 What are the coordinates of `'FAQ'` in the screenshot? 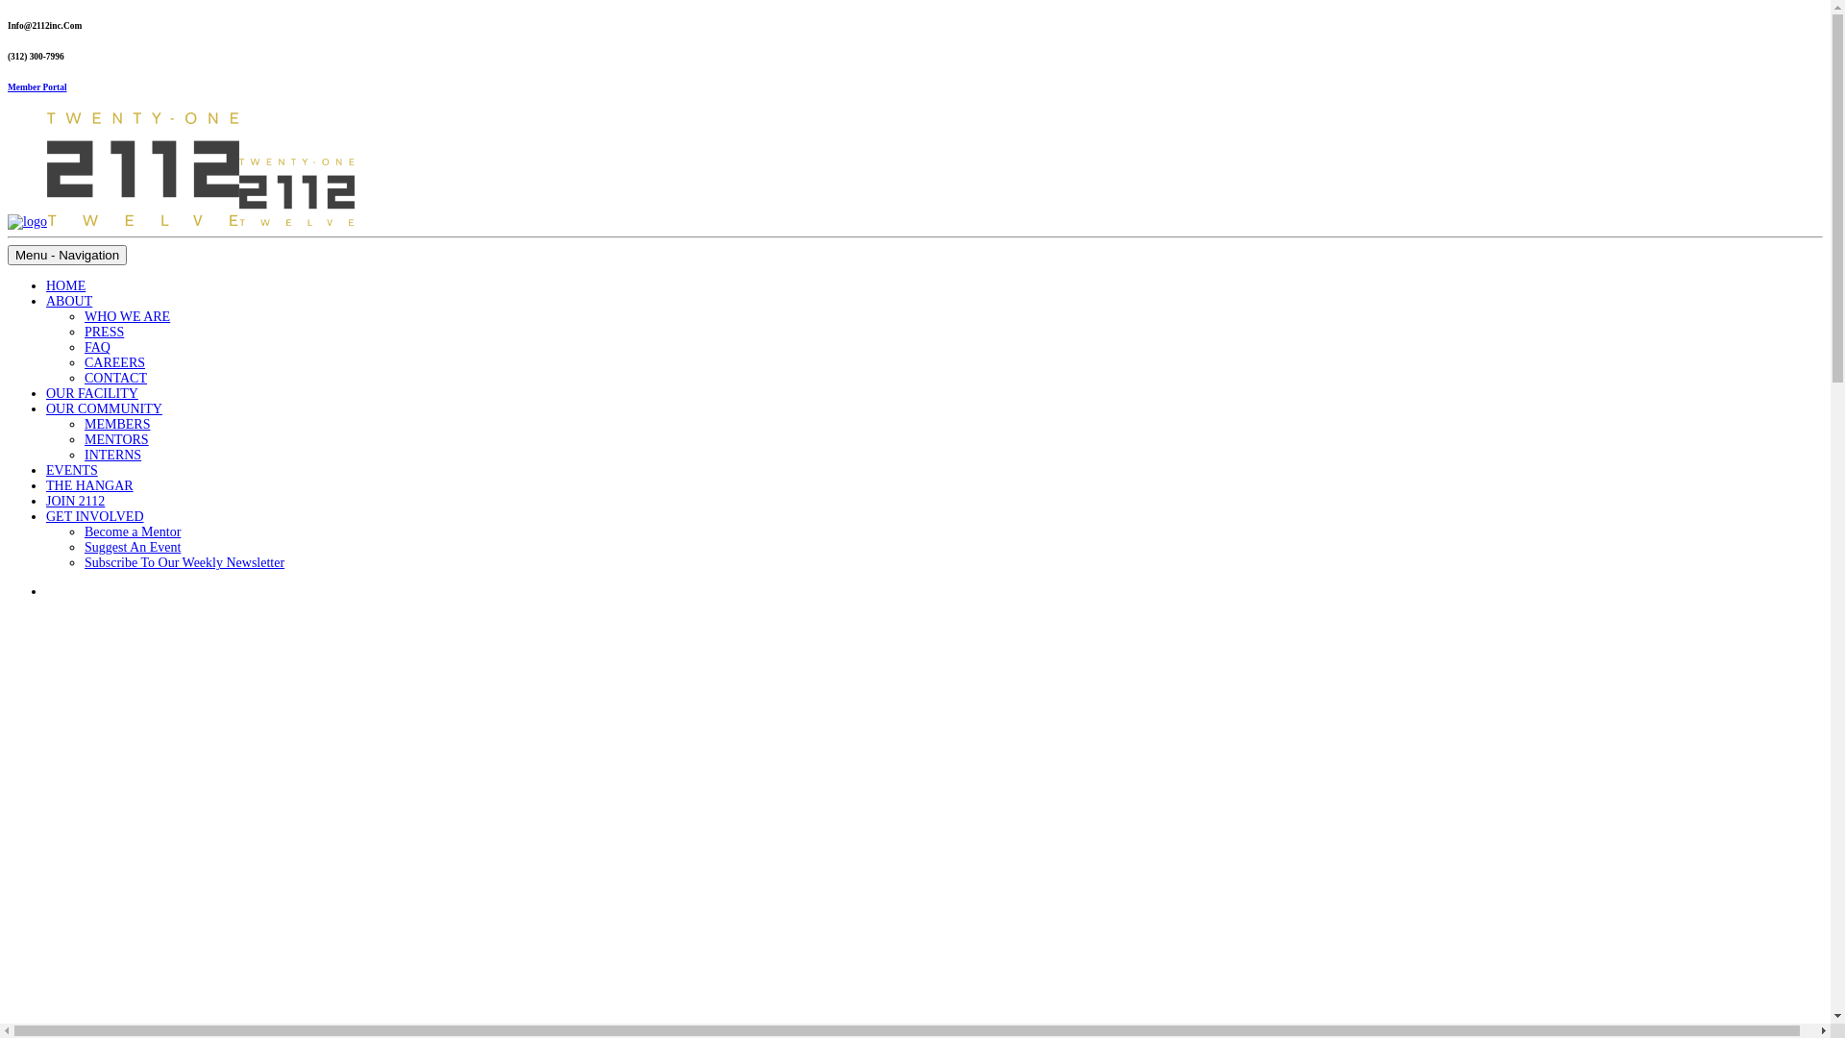 It's located at (83, 347).